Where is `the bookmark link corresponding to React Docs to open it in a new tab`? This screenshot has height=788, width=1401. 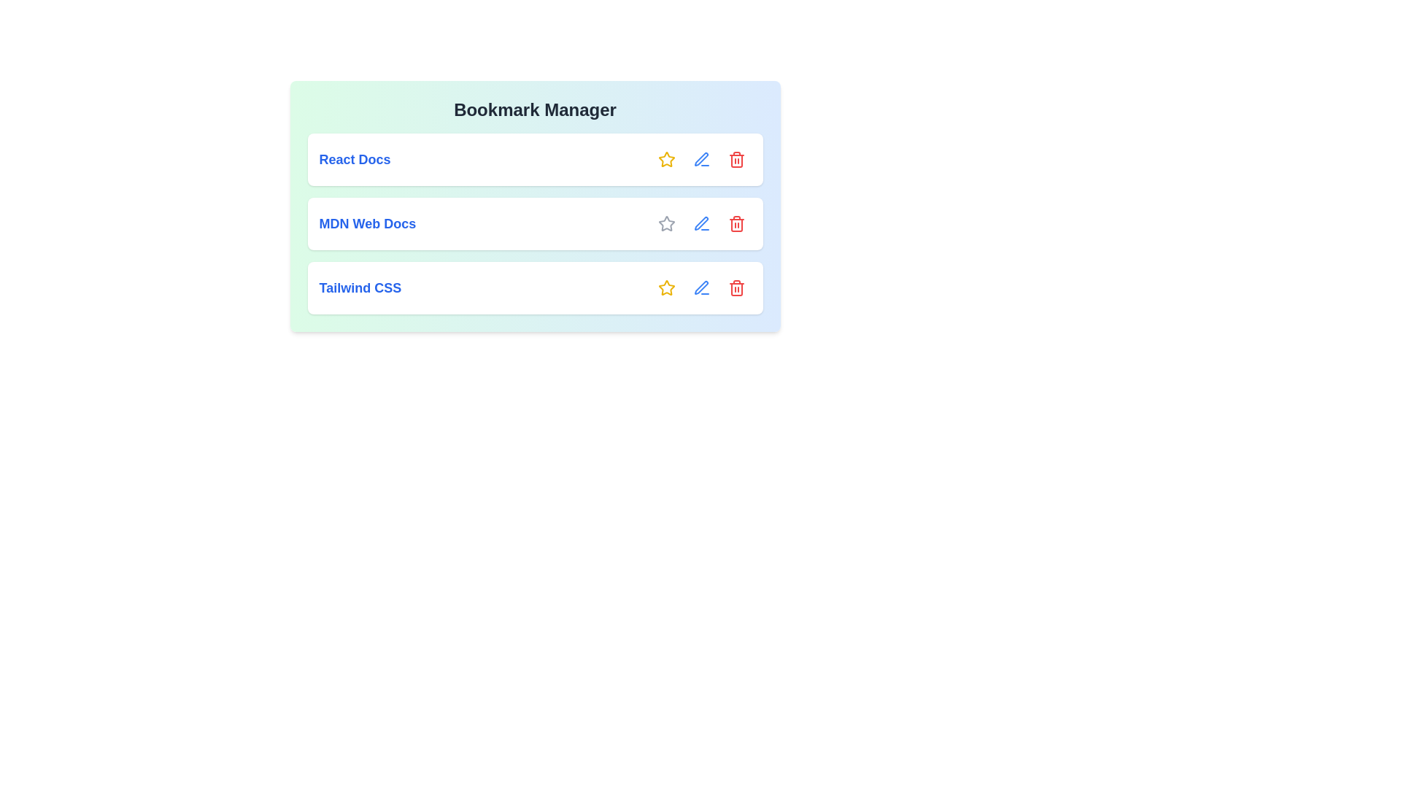
the bookmark link corresponding to React Docs to open it in a new tab is located at coordinates (355, 160).